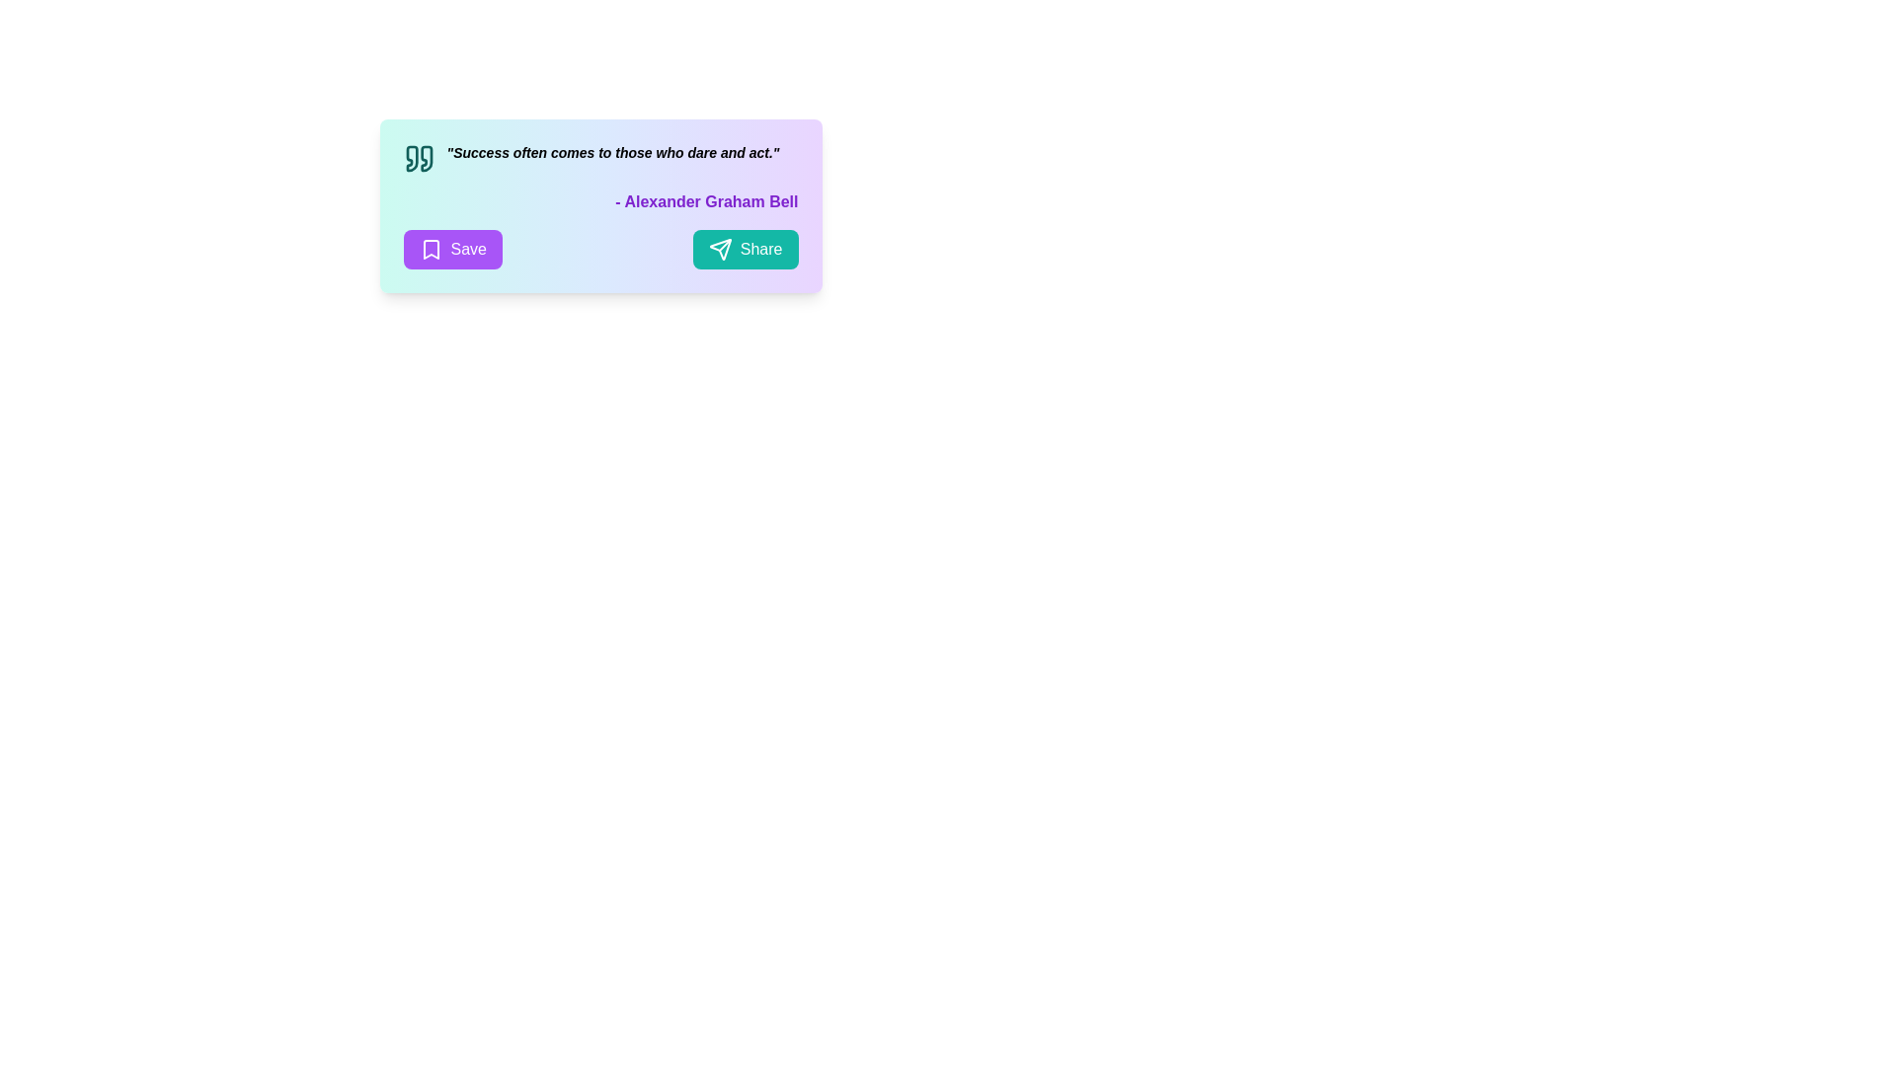 This screenshot has height=1066, width=1896. I want to click on the airplane icon located within the green 'Share' button at the bottom-right section of the card component, so click(719, 249).